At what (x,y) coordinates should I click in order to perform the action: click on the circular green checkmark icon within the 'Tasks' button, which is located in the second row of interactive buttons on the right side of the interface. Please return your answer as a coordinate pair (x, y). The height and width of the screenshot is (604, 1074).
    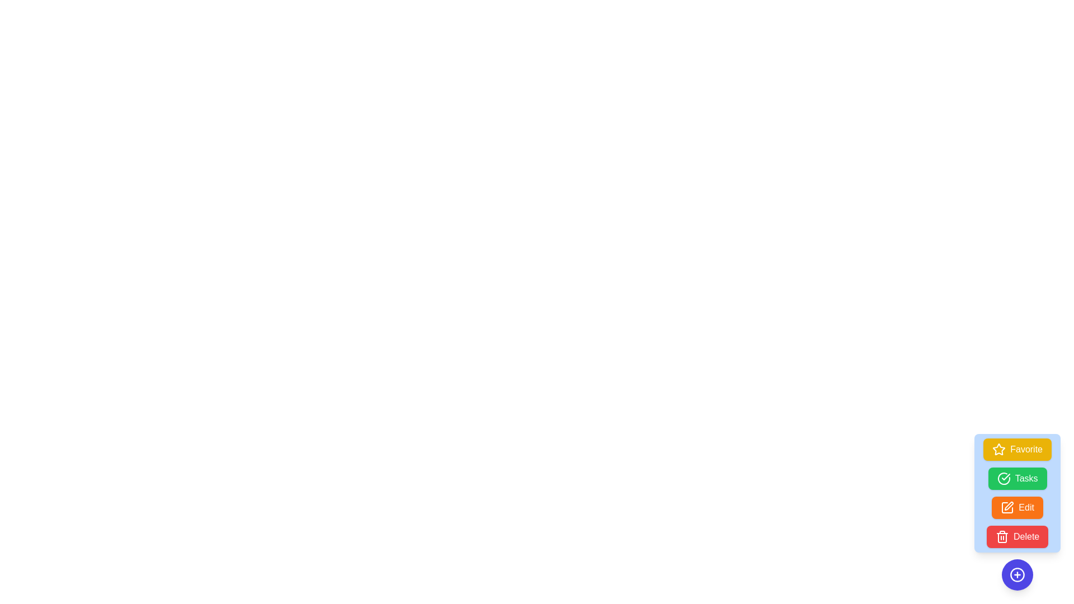
    Looking at the image, I should click on (1004, 478).